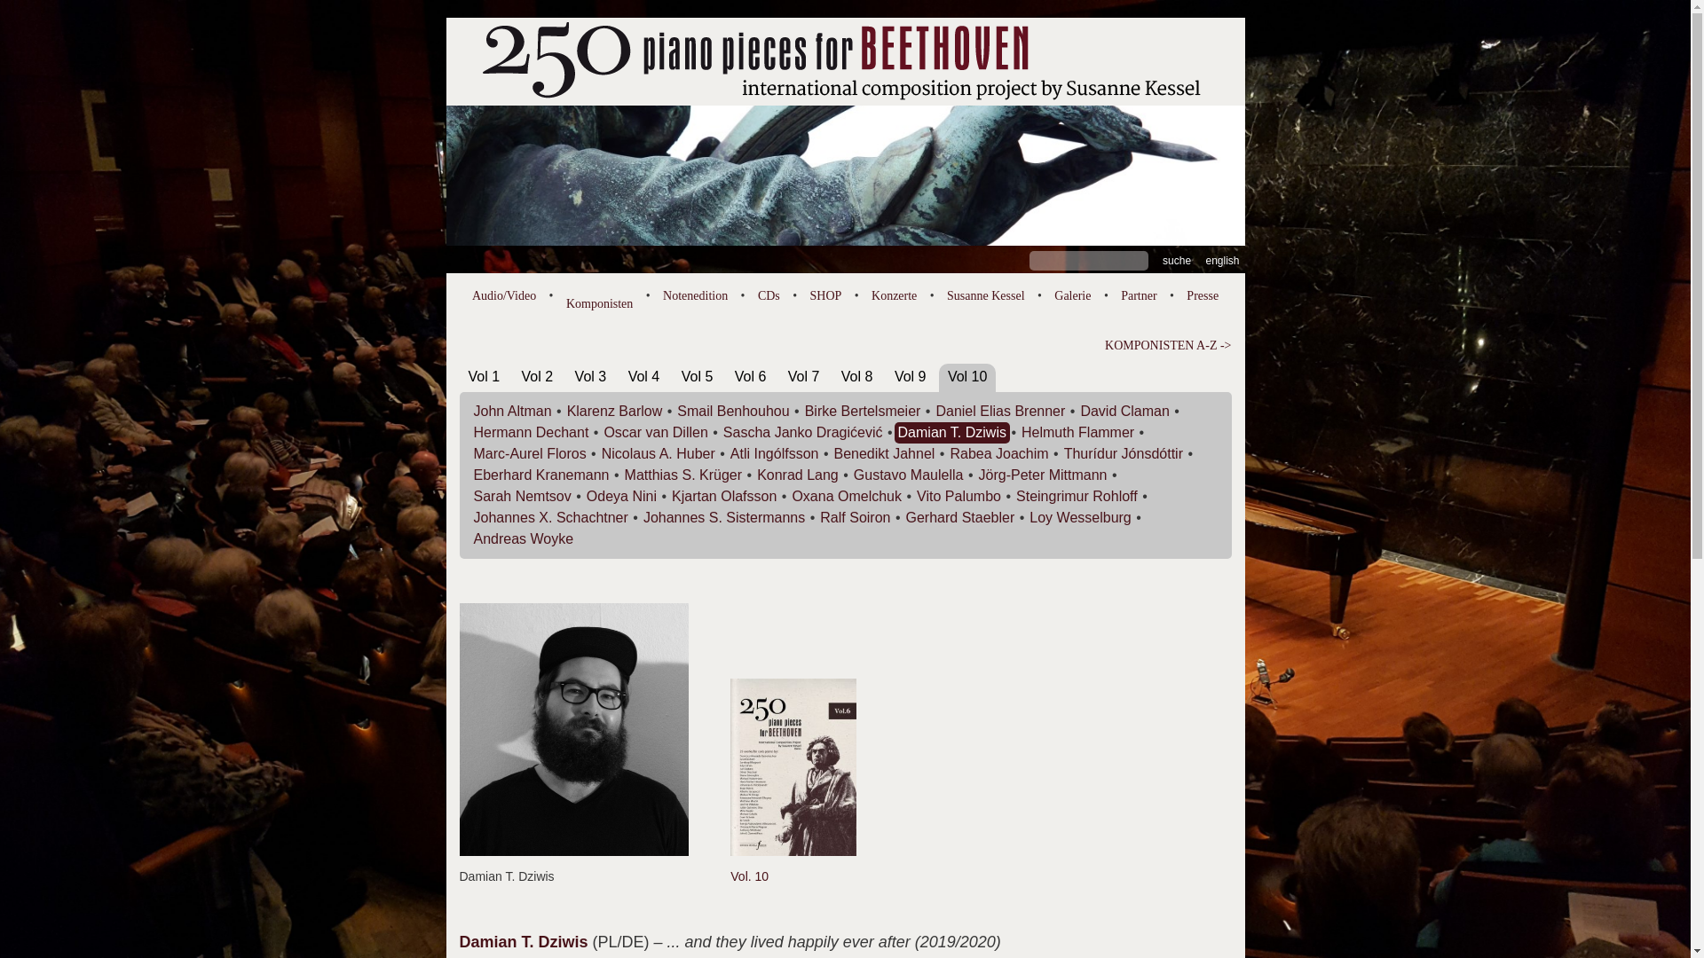 Image resolution: width=1704 pixels, height=958 pixels. I want to click on 'Loy Wesselburg', so click(1079, 517).